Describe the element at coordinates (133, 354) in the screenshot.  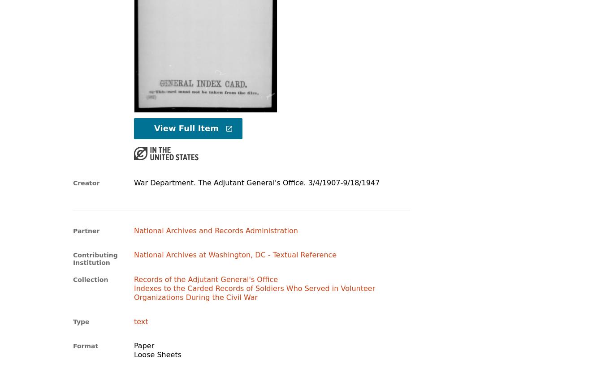
I see `'Loose Sheets'` at that location.